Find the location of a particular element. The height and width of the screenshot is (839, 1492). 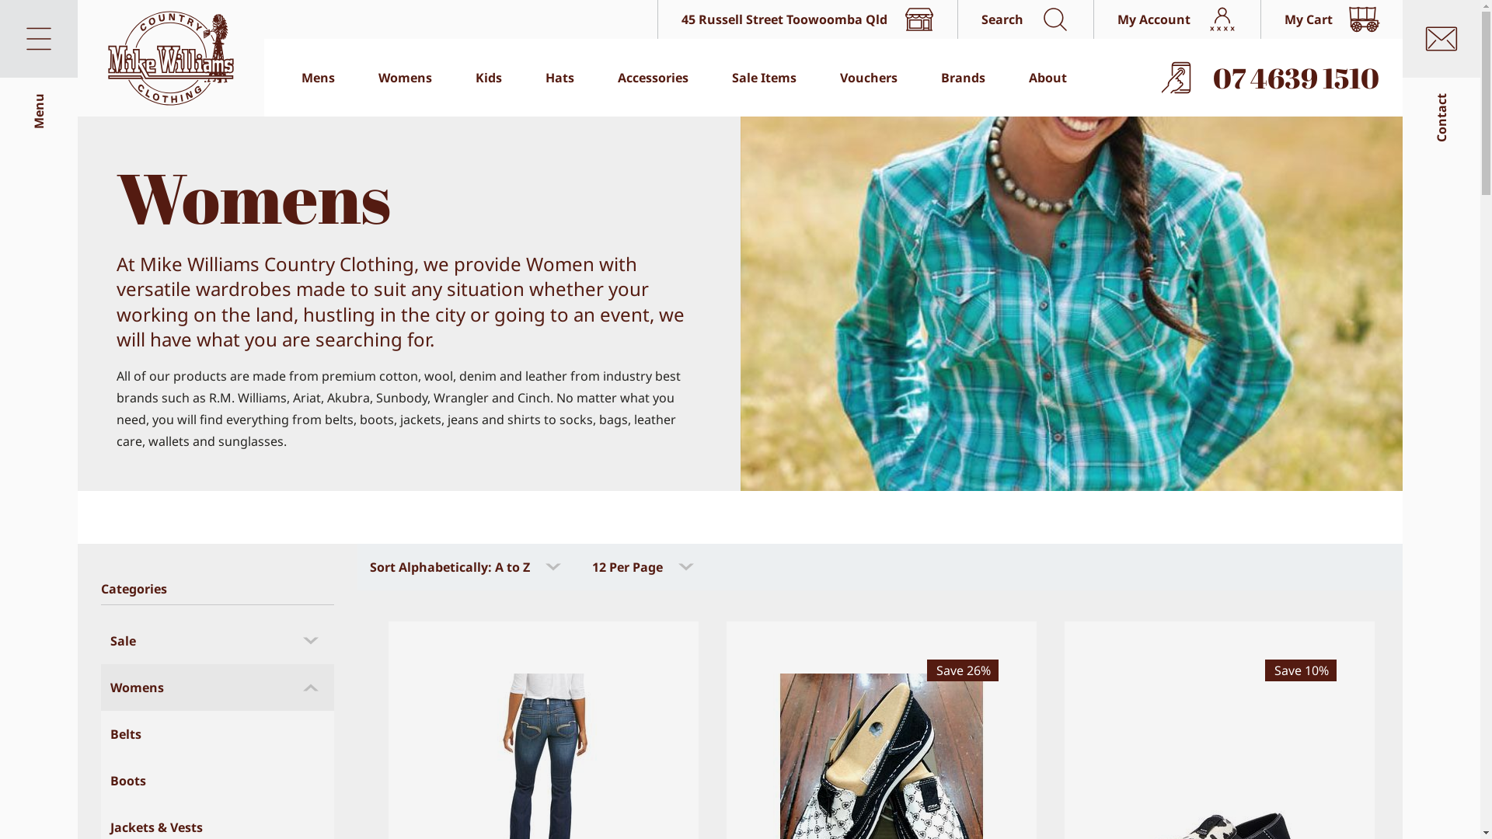

'12 Per Page' is located at coordinates (644, 566).